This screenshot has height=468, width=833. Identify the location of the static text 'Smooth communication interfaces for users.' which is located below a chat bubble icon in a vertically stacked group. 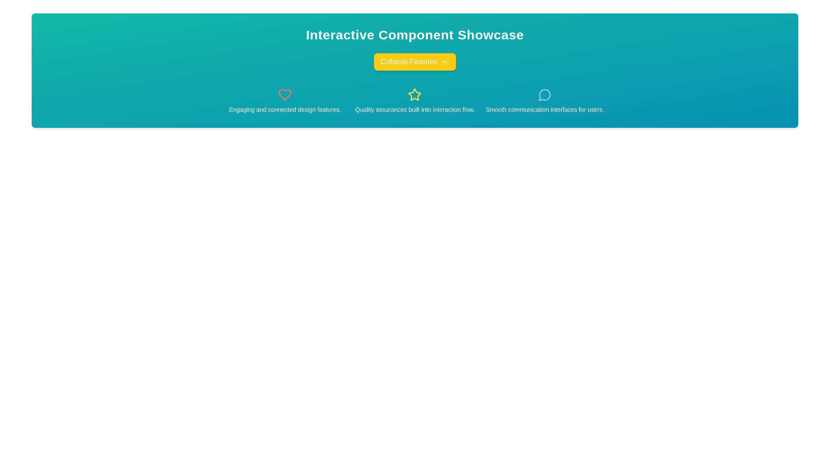
(544, 109).